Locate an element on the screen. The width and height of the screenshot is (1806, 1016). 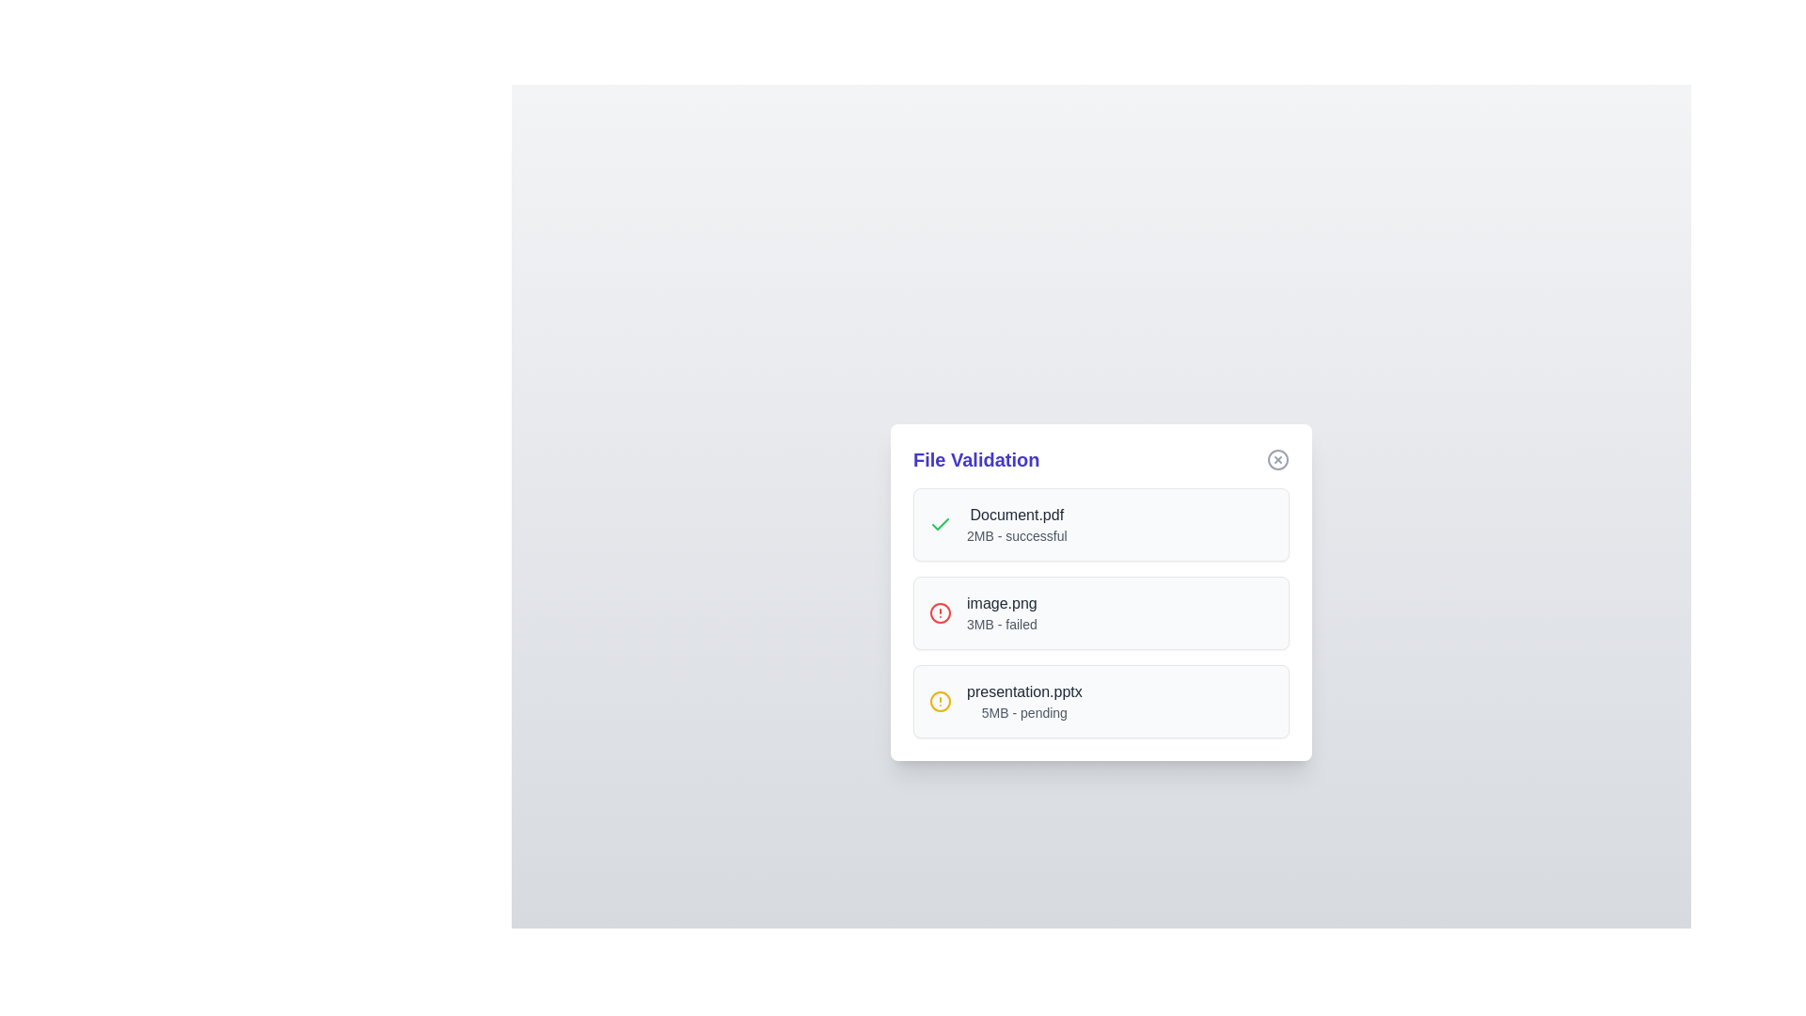
the status icon of the file image.png to inspect its status is located at coordinates (940, 612).